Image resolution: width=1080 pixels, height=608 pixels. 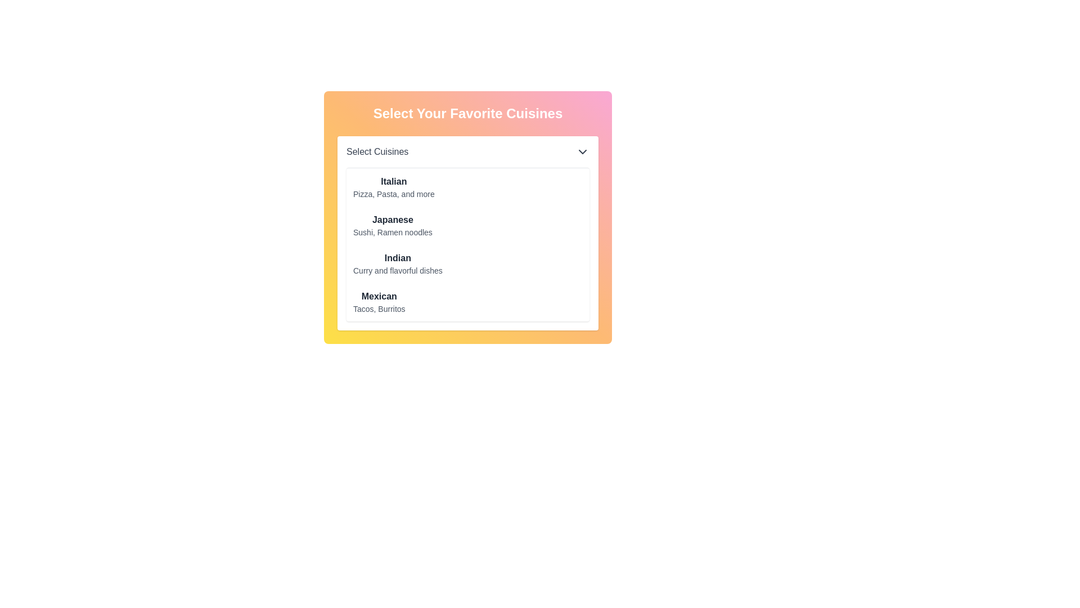 What do you see at coordinates (398, 264) in the screenshot?
I see `the clickable list item representing 'Indian' cuisine` at bounding box center [398, 264].